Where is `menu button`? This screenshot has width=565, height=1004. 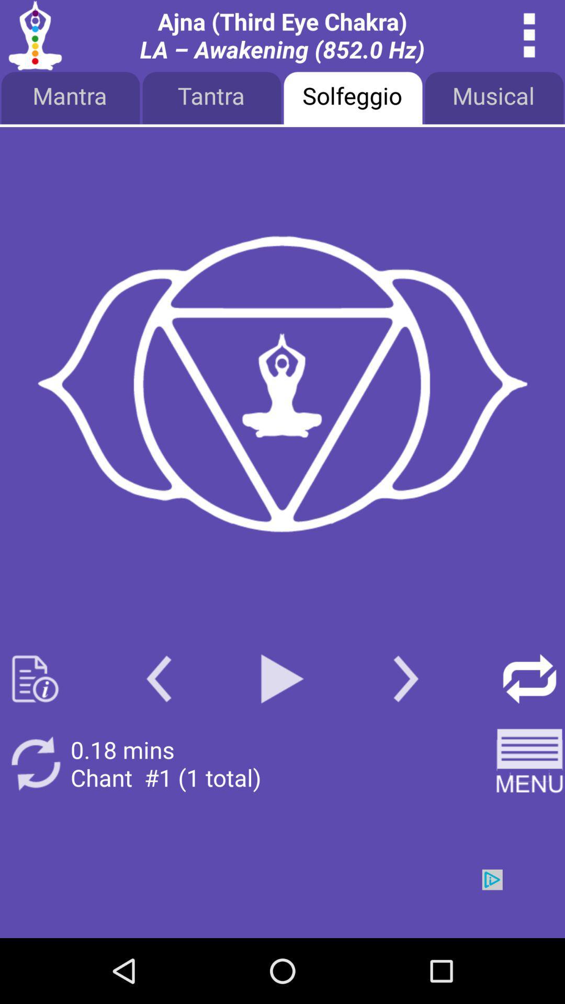
menu button is located at coordinates (529, 35).